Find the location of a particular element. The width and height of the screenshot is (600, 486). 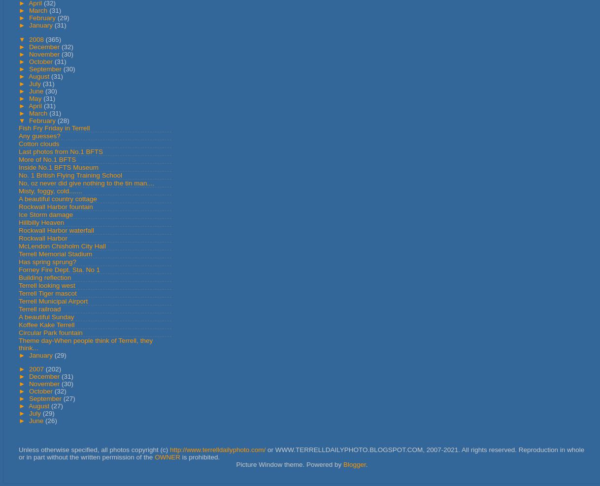

'Rockwall Harbor' is located at coordinates (43, 238).